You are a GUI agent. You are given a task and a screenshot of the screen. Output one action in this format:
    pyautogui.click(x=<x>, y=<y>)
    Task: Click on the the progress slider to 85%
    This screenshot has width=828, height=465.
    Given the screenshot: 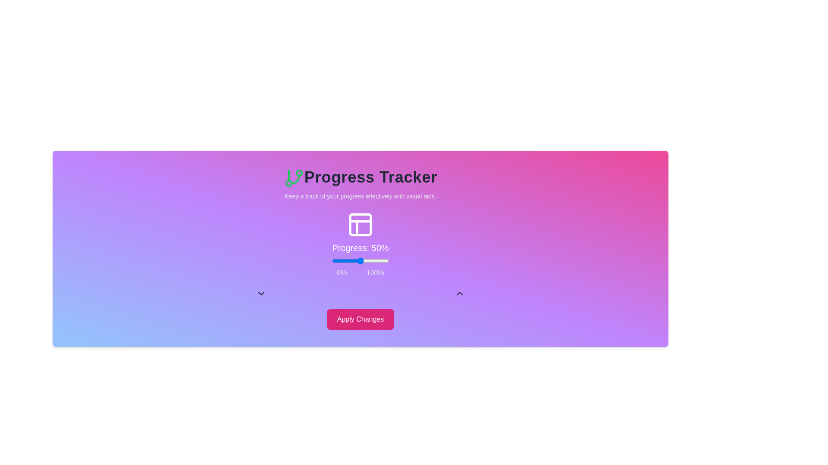 What is the action you would take?
    pyautogui.click(x=379, y=260)
    